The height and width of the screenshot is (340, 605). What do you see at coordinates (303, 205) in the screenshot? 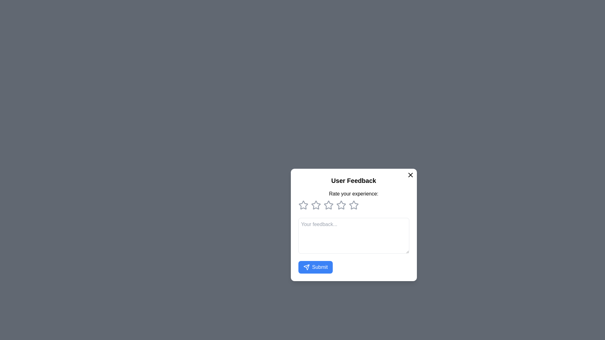
I see `the first clickable rating star icon in the 'Rate your experience' section of the 'User Feedback' modal` at bounding box center [303, 205].